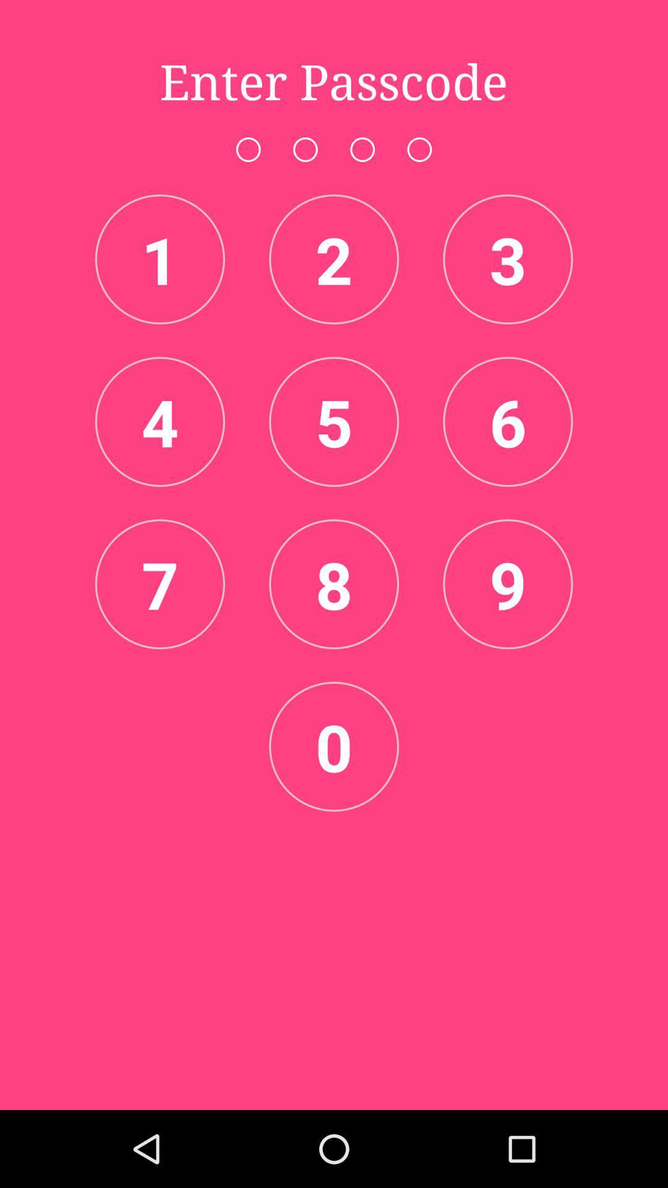  I want to click on 0, so click(334, 746).